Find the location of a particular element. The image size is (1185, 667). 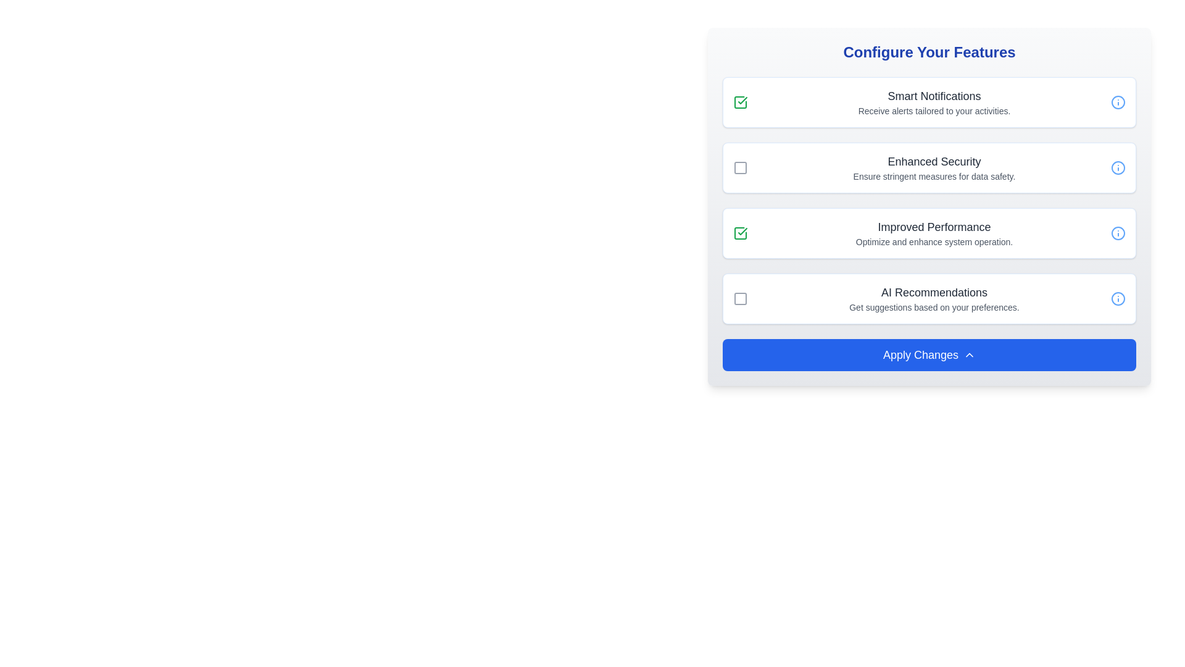

the Text Label displaying 'Optimize and enhance system operation.' located below the header 'Improved Performance' is located at coordinates (934, 242).